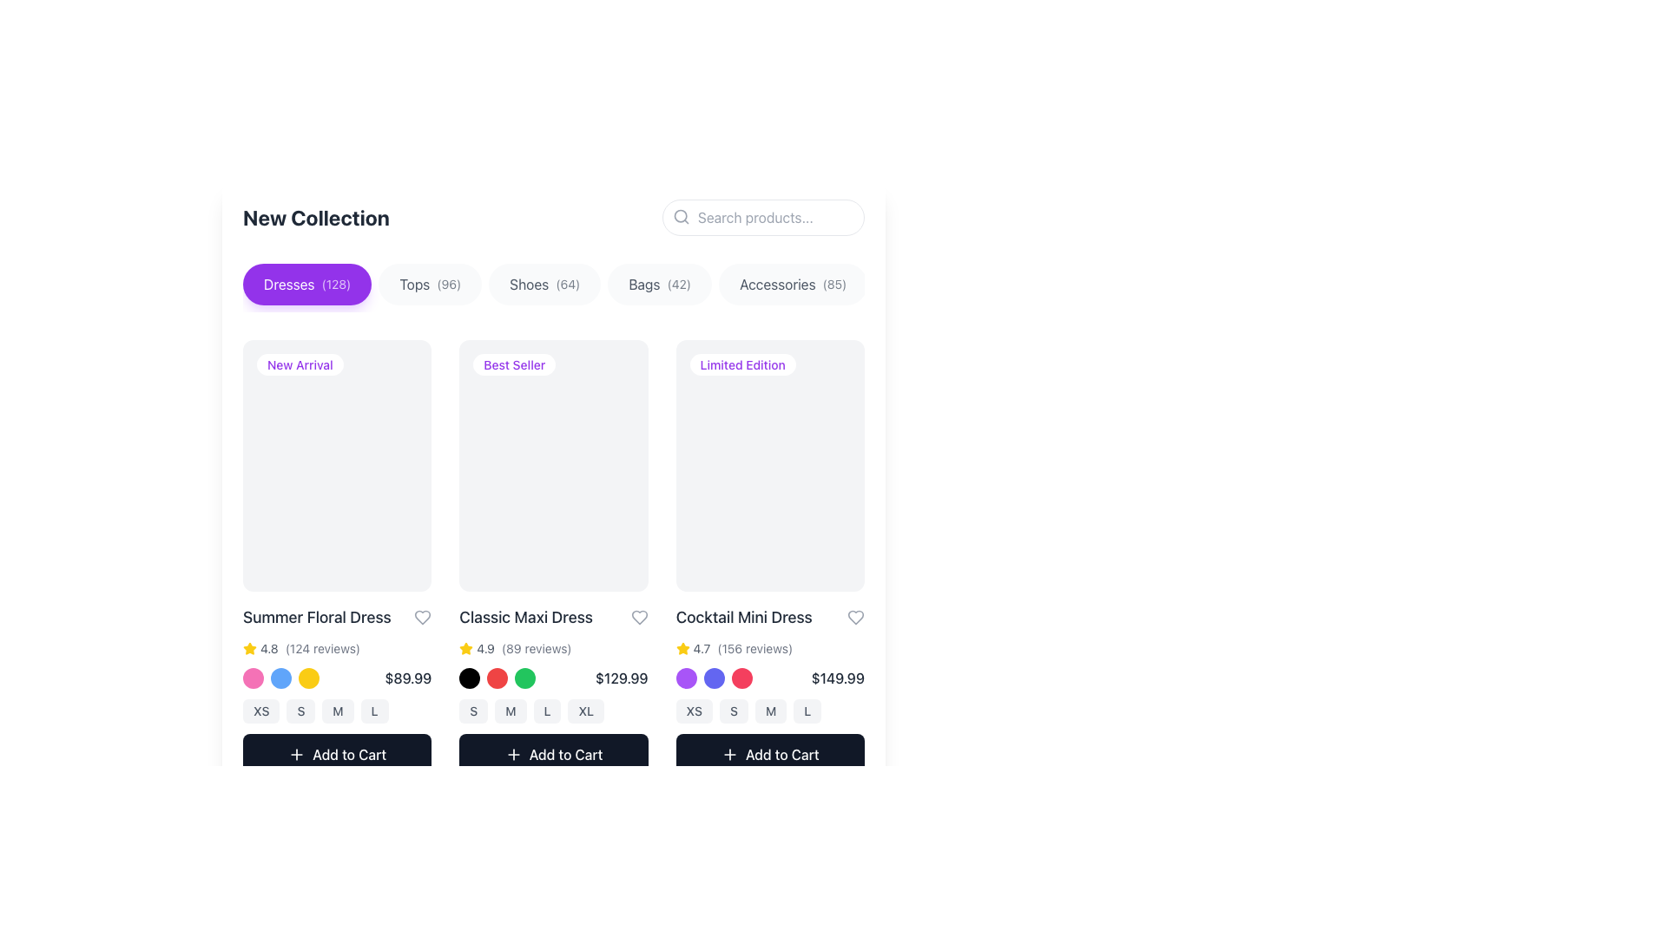 This screenshot has height=937, width=1667. I want to click on the heart-shaped icon button for marking the 'Summer Floral Dress' as a favorite, so click(423, 616).